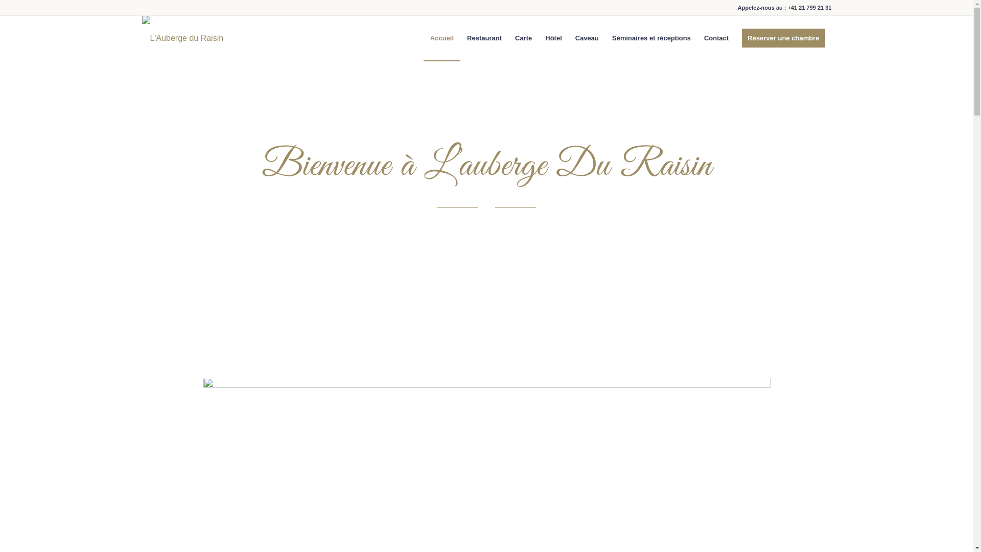  What do you see at coordinates (441, 37) in the screenshot?
I see `'Accueil'` at bounding box center [441, 37].